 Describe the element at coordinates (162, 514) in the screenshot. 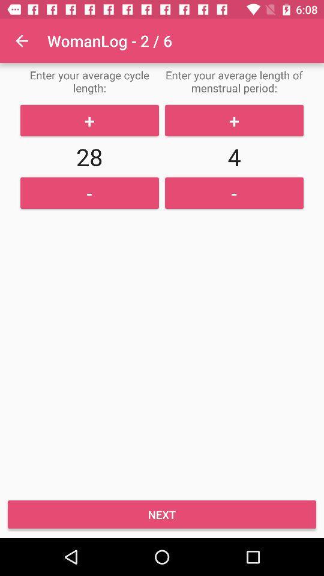

I see `last button` at that location.